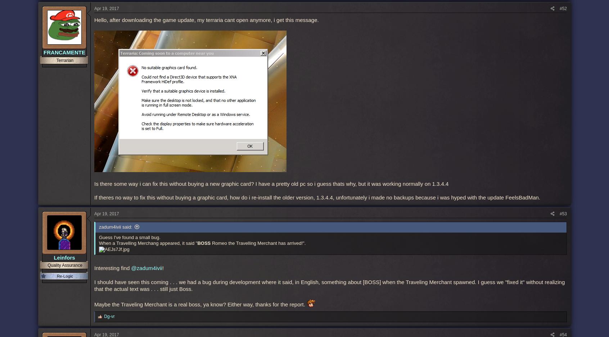 This screenshot has height=337, width=609. I want to click on 'BOSS', so click(203, 243).